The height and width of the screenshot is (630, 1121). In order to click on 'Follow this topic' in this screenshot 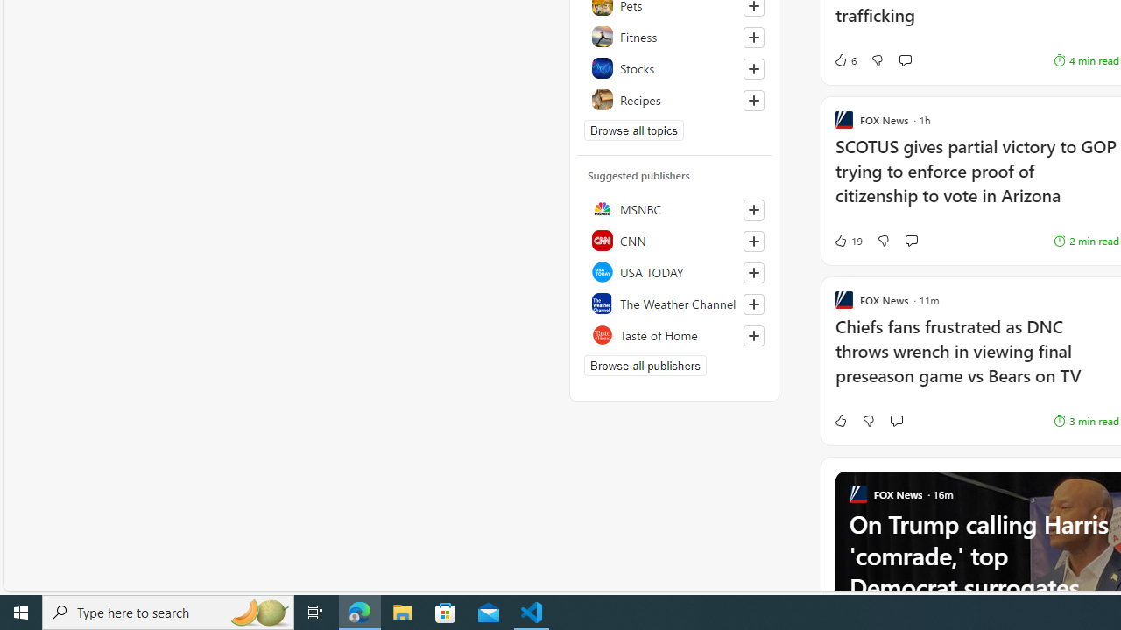, I will do `click(753, 100)`.